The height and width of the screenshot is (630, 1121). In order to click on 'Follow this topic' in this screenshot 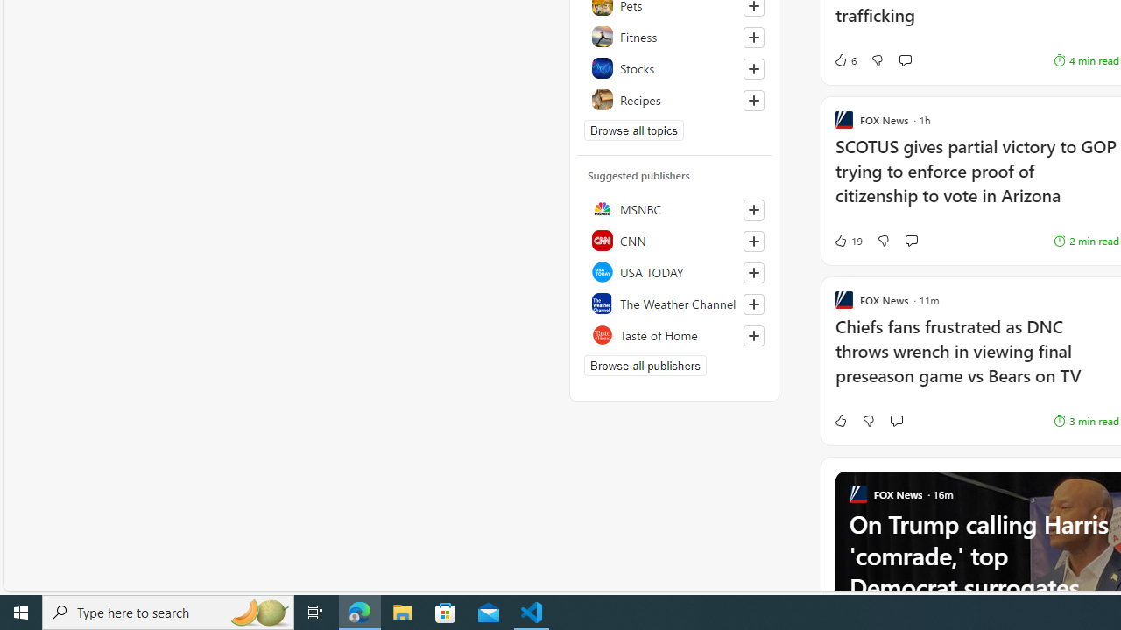, I will do `click(753, 100)`.